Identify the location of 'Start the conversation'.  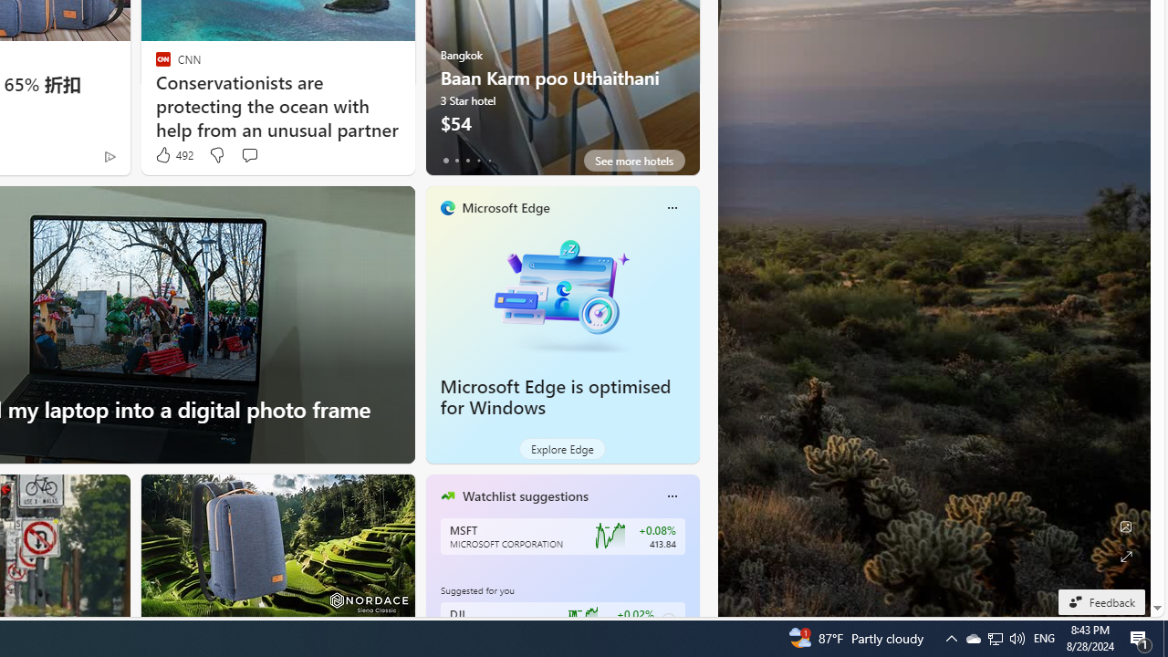
(248, 153).